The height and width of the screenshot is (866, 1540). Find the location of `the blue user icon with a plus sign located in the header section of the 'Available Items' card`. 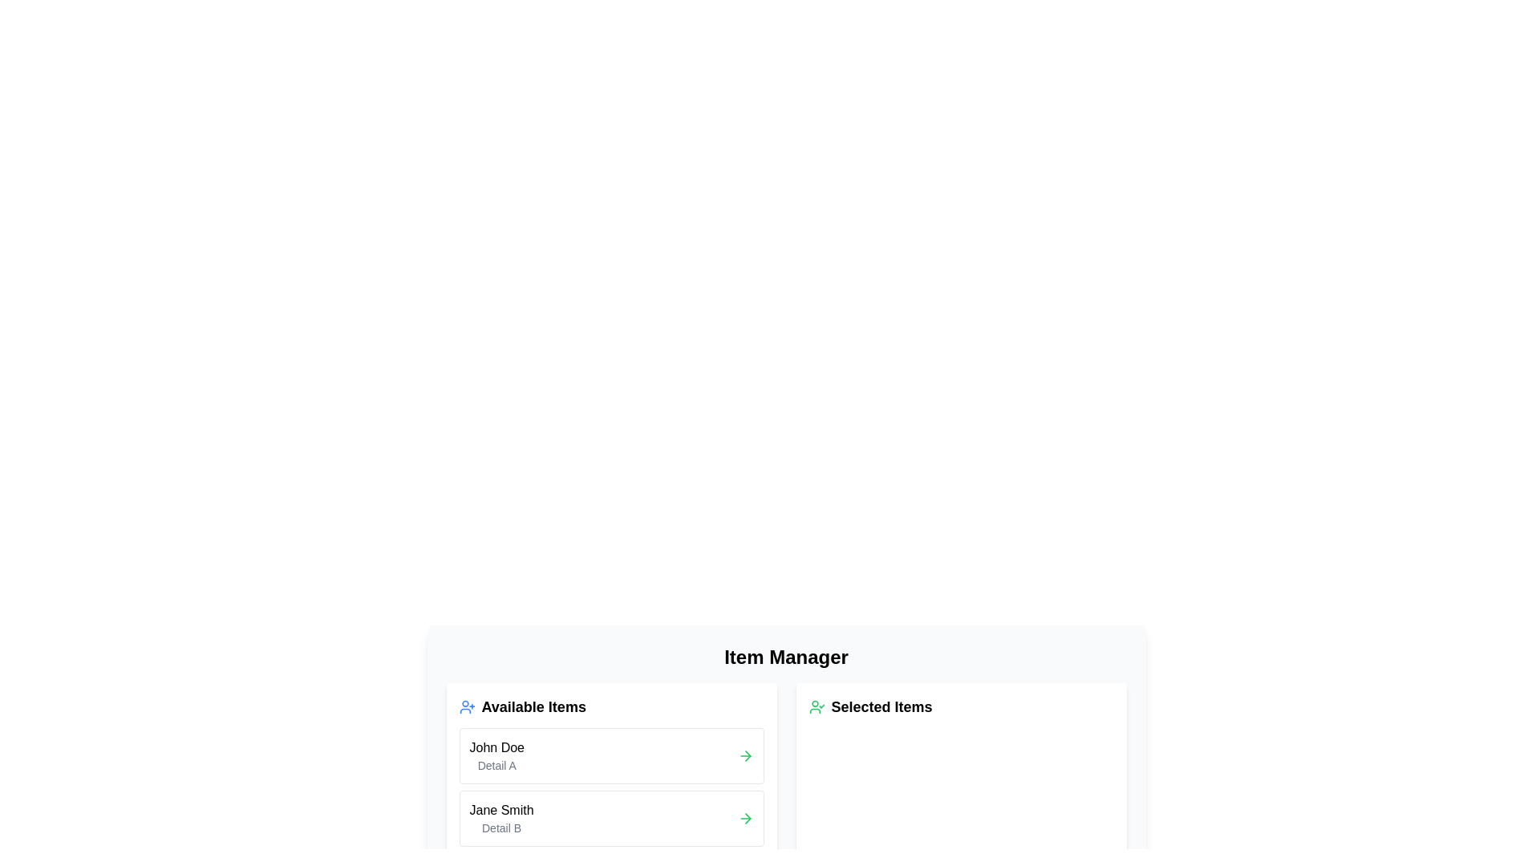

the blue user icon with a plus sign located in the header section of the 'Available Items' card is located at coordinates (466, 706).